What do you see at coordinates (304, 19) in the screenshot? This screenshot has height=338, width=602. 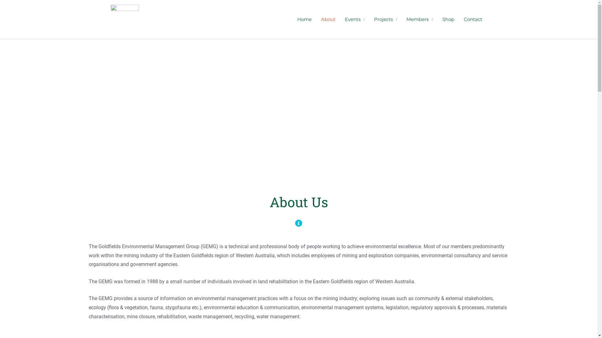 I see `'Home'` at bounding box center [304, 19].